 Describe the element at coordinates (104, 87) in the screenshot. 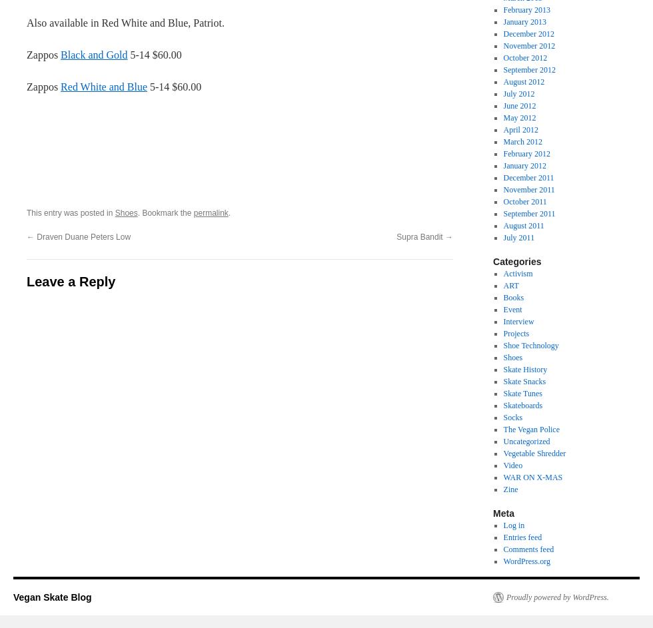

I see `'Red White and Blue'` at that location.